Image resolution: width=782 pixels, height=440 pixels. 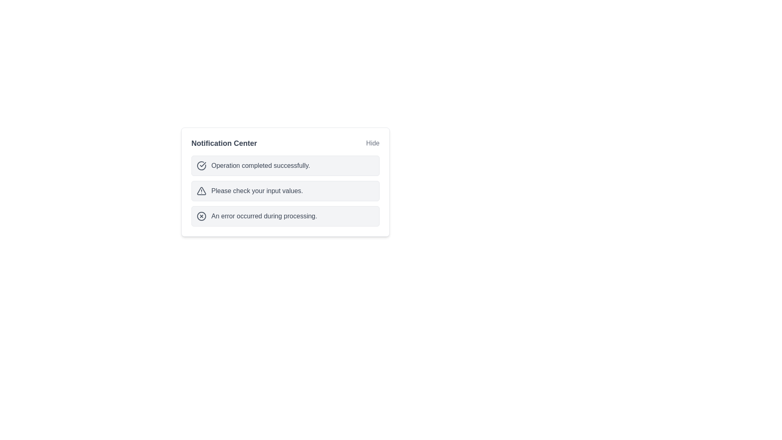 What do you see at coordinates (201, 216) in the screenshot?
I see `the error icon located to the left of the third notification line that indicates 'An error occurred during processing.'` at bounding box center [201, 216].